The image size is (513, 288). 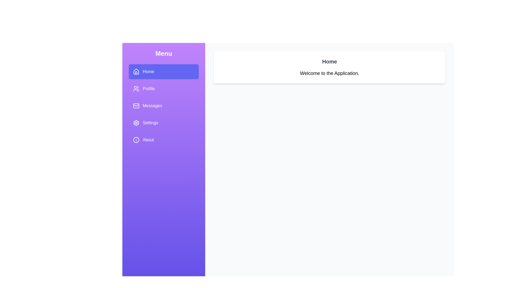 I want to click on the home icon, which is a vector graphic resembling a house located in the sidebar menu next to the text 'Home', so click(x=136, y=71).